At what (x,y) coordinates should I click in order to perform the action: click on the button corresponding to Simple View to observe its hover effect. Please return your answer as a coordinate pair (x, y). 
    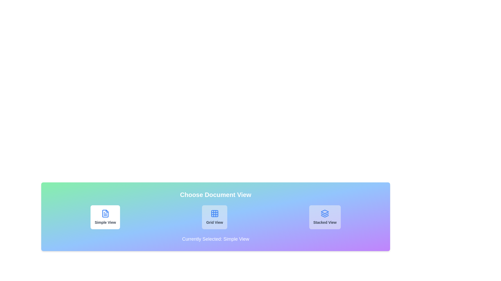
    Looking at the image, I should click on (105, 217).